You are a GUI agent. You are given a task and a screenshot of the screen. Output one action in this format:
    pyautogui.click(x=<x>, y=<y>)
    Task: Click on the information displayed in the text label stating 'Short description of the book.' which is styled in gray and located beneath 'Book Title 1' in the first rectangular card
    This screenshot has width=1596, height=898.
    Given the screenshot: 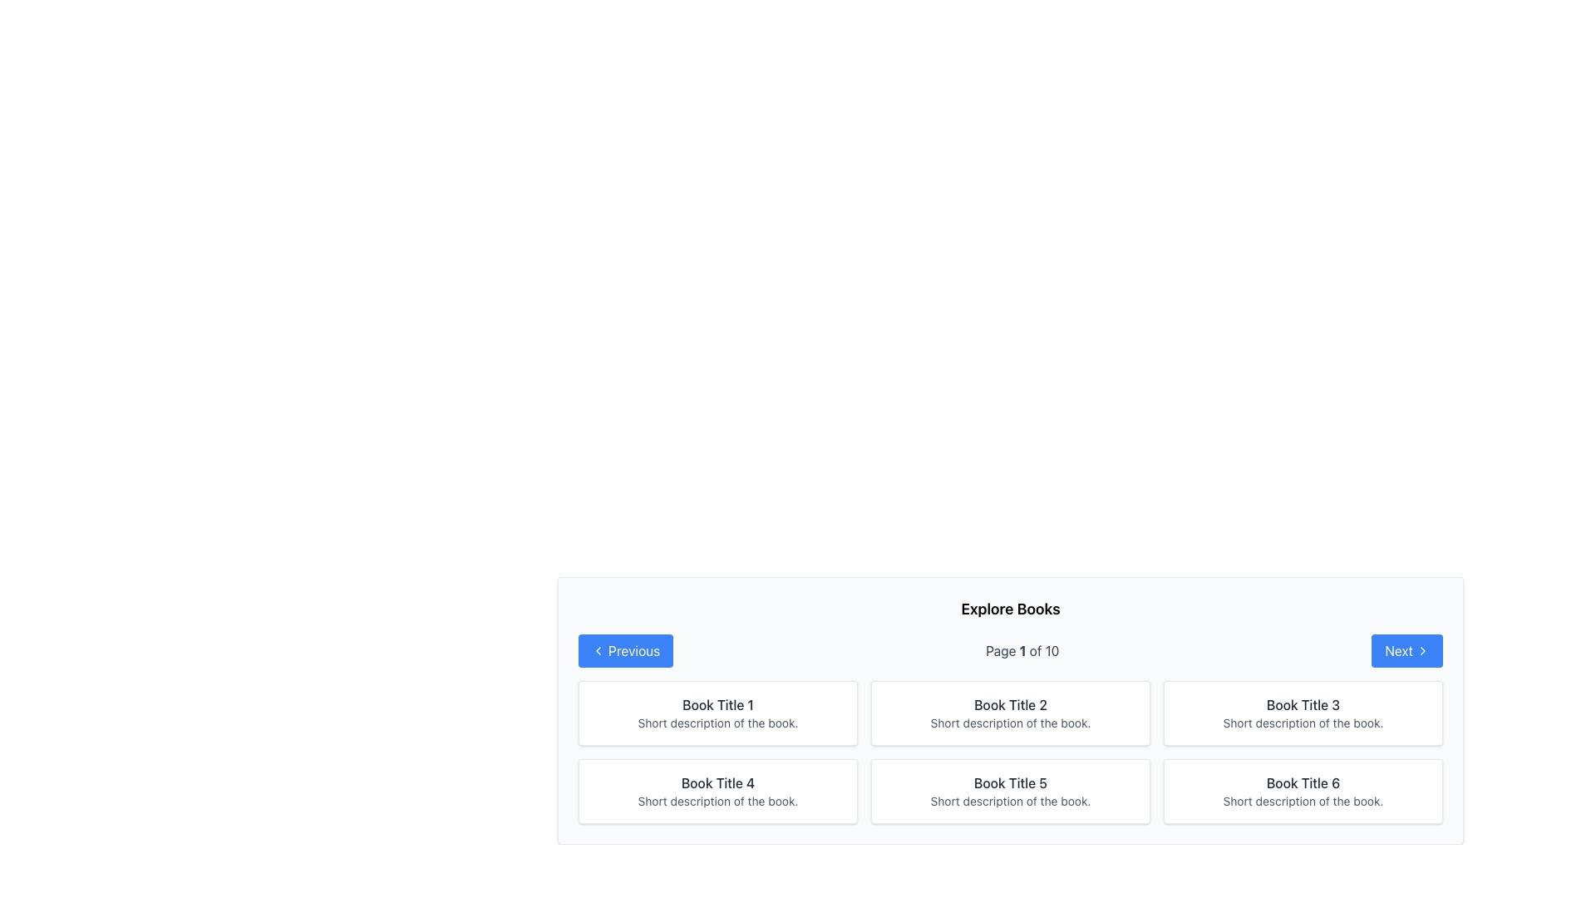 What is the action you would take?
    pyautogui.click(x=718, y=723)
    